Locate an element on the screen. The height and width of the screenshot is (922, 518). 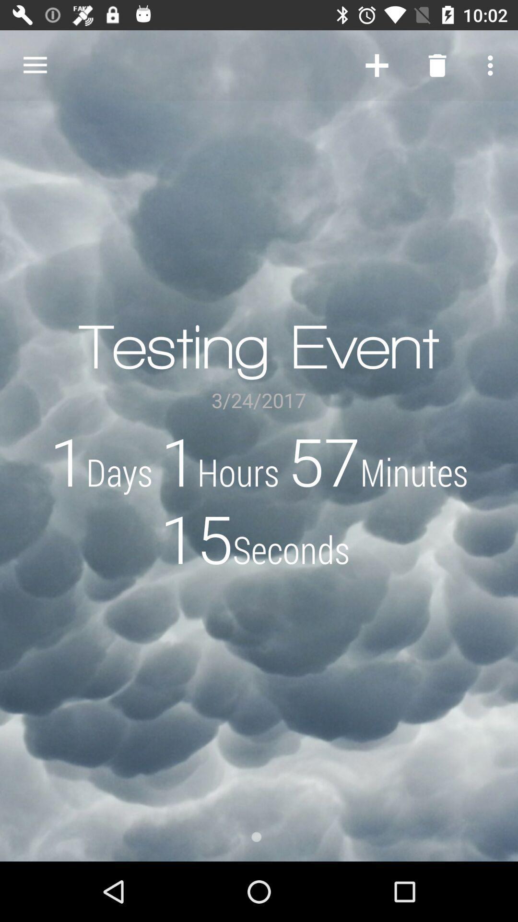
the item above the testing event item is located at coordinates (437, 65).